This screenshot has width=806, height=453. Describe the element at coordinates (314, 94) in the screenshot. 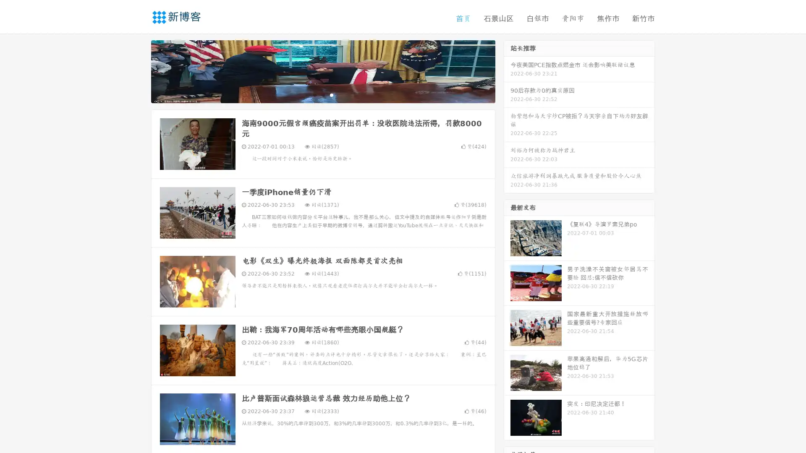

I see `Go to slide 1` at that location.